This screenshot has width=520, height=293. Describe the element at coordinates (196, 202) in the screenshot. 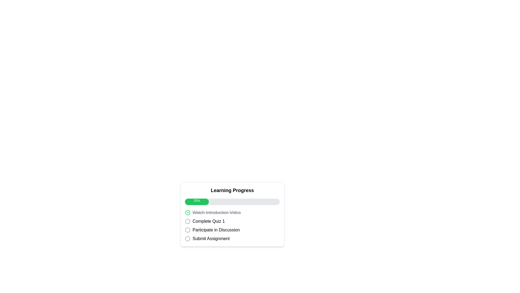

I see `the green progress indicator displaying '25%' within the Learning Progress panel` at that location.